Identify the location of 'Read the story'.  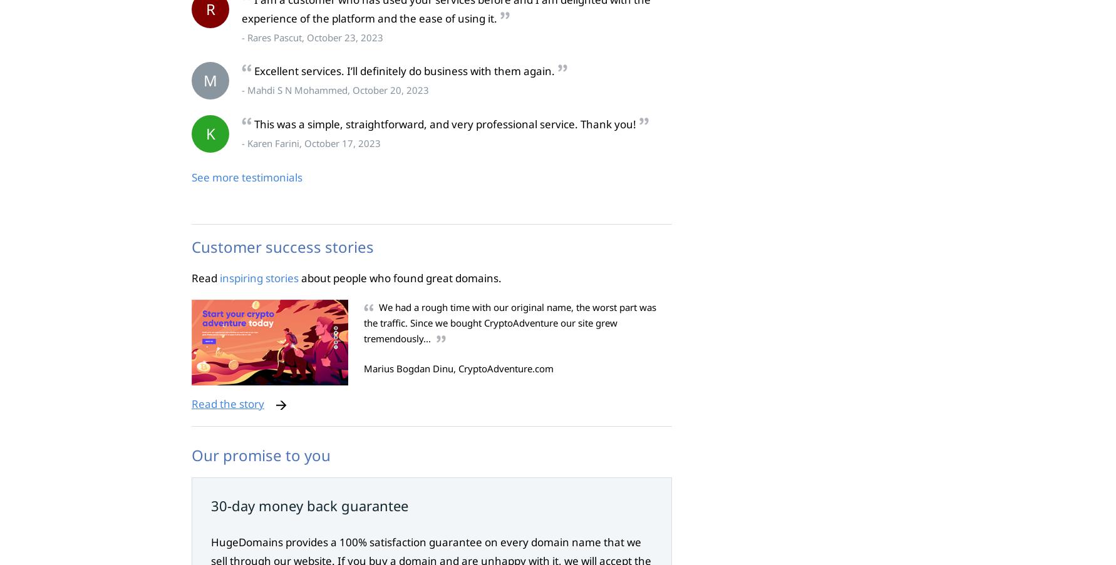
(228, 403).